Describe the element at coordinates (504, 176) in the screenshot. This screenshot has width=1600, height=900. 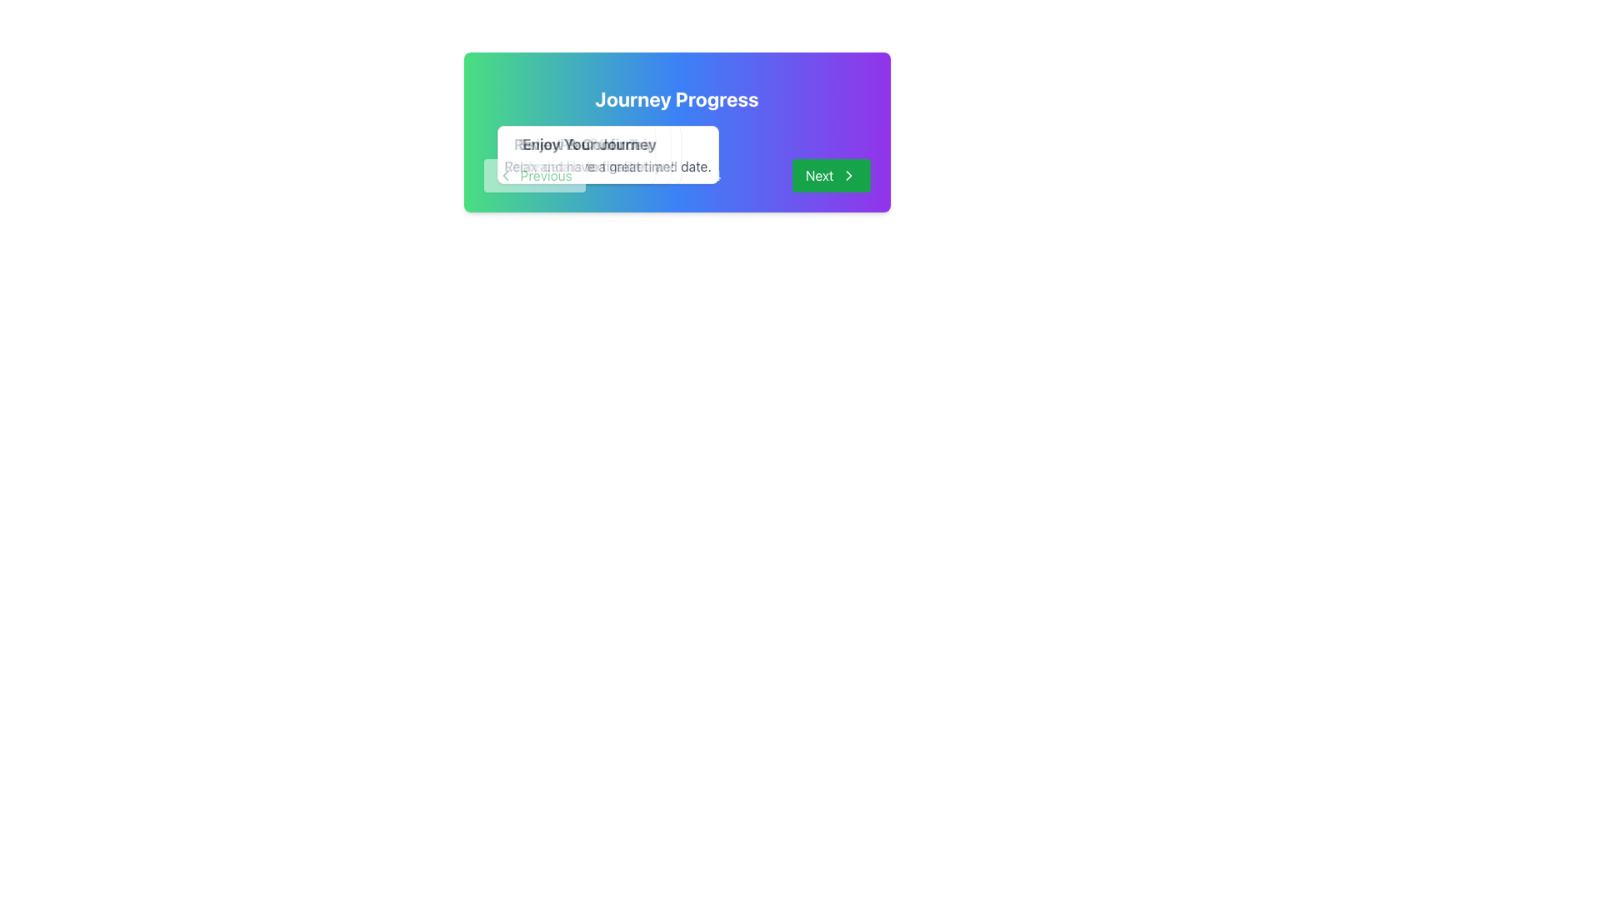
I see `the arrow icon located at the top-left corner of the 'Previous' button` at that location.